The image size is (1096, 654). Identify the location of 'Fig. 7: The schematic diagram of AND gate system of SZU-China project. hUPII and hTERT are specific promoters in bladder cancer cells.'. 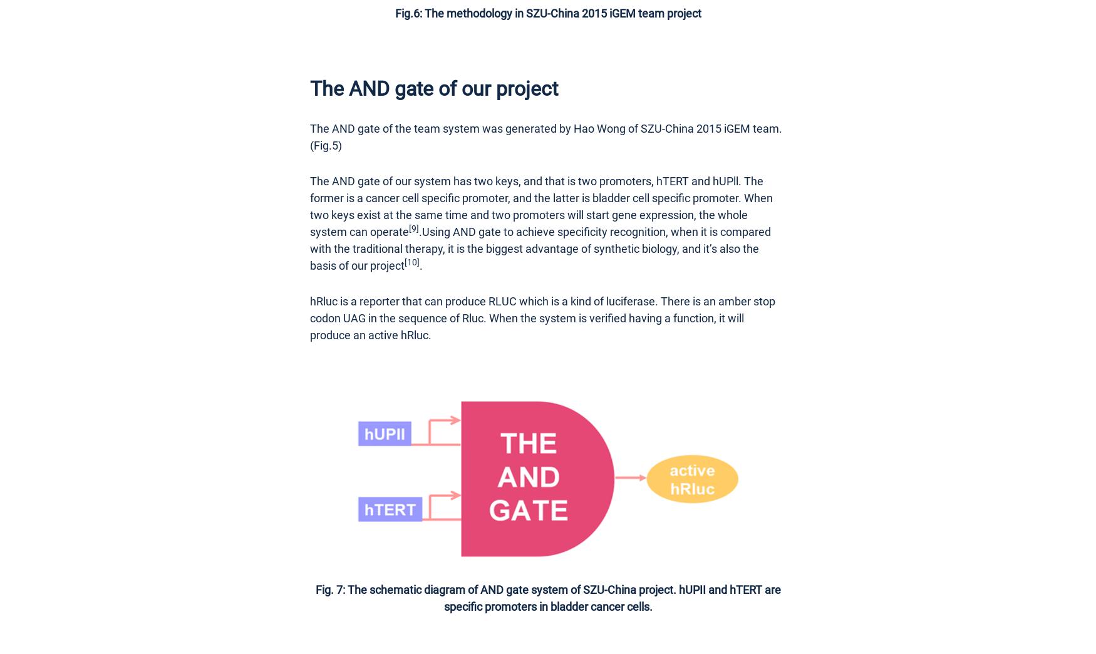
(547, 597).